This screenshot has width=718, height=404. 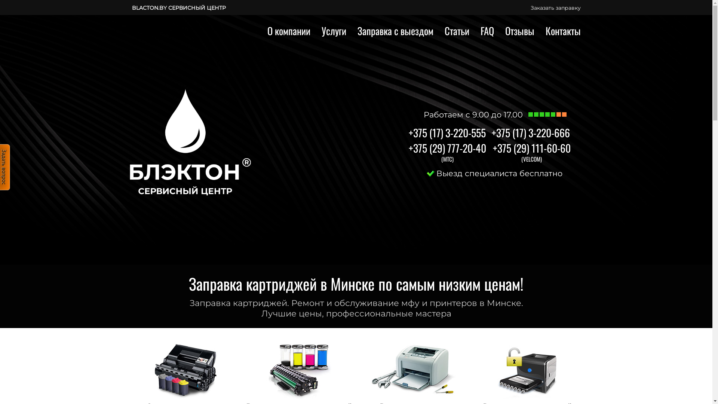 What do you see at coordinates (530, 132) in the screenshot?
I see `'+375 (17) 3-220-666'` at bounding box center [530, 132].